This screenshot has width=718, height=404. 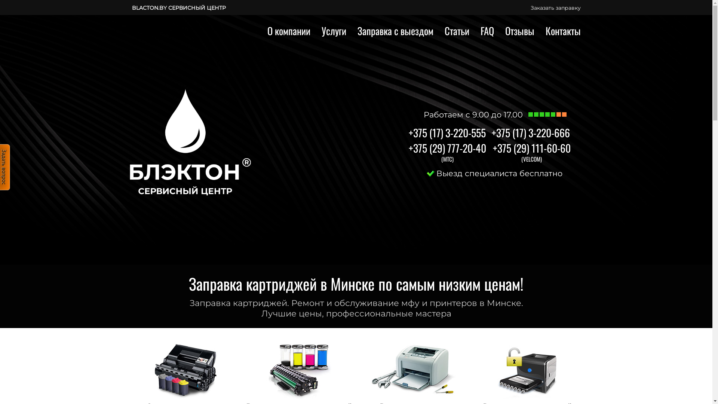 What do you see at coordinates (530, 132) in the screenshot?
I see `'+375 (17) 3-220-666'` at bounding box center [530, 132].